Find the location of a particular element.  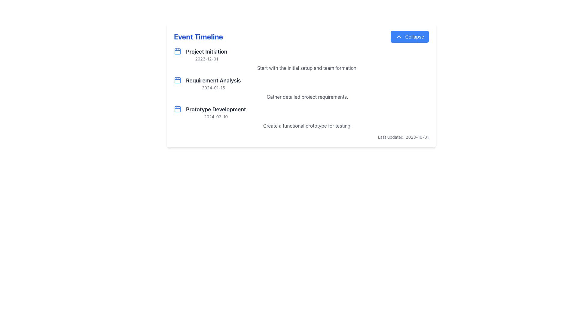

the calendar body icon associated with 'Prototype Development', which is the third icon in a vertical sequence to the left of the timeline text is located at coordinates (177, 109).